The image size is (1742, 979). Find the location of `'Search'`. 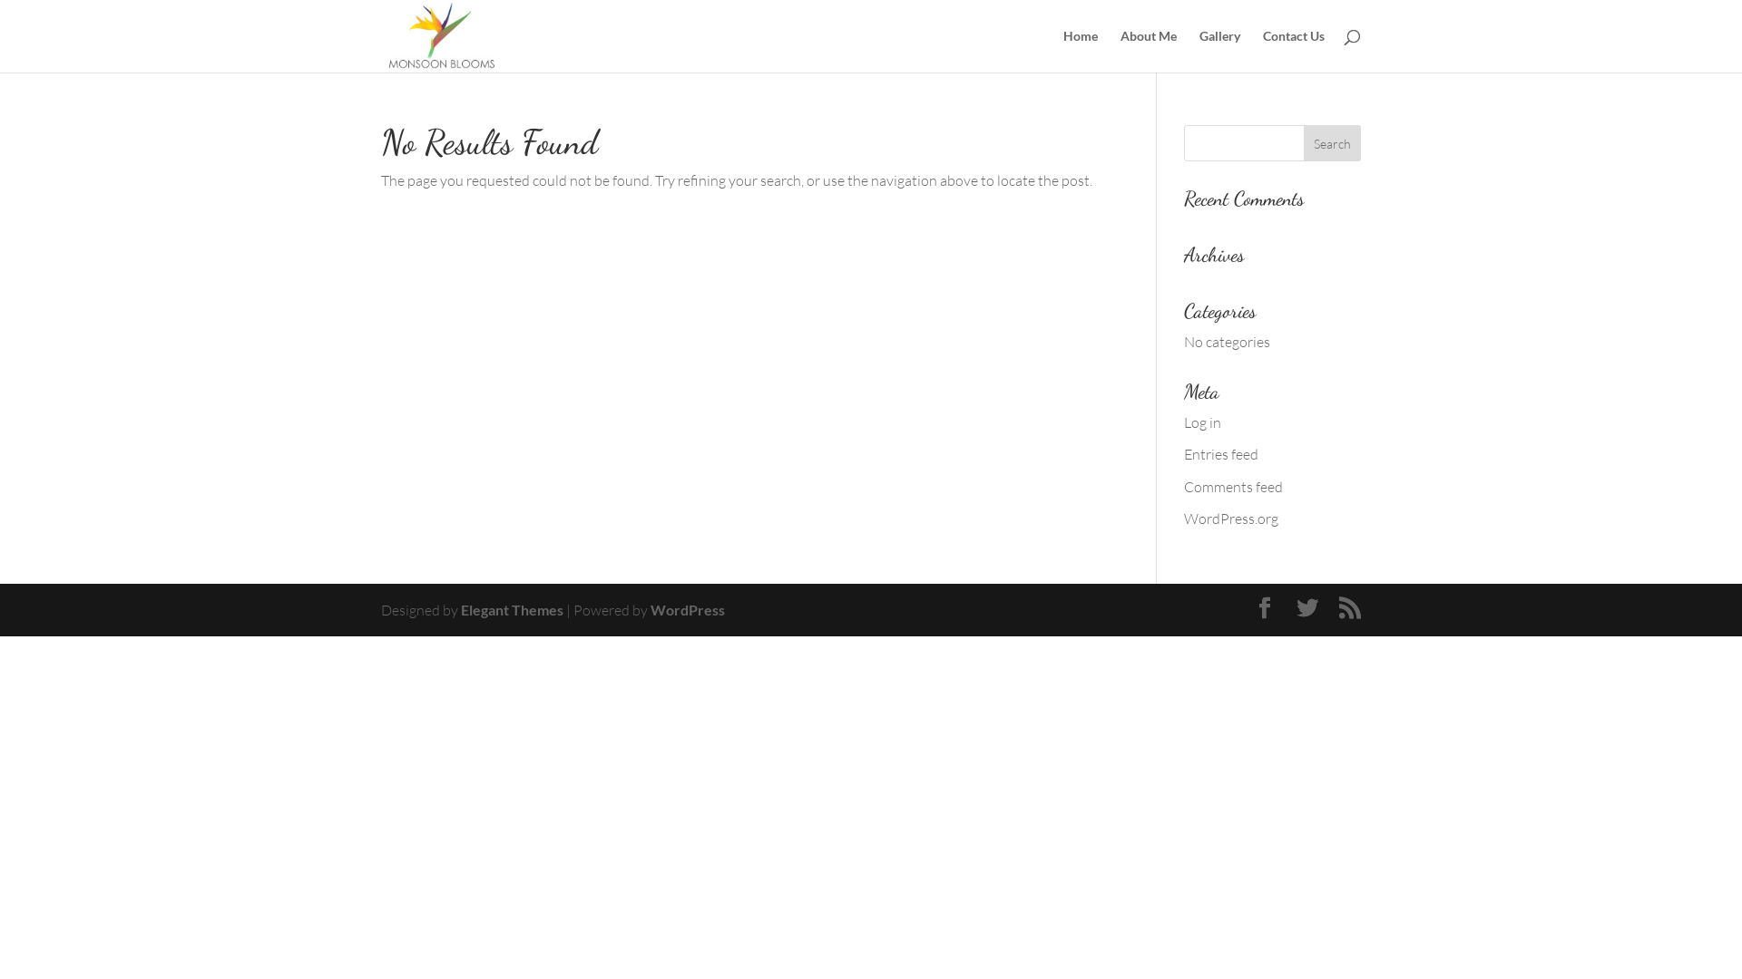

'Search' is located at coordinates (1332, 142).